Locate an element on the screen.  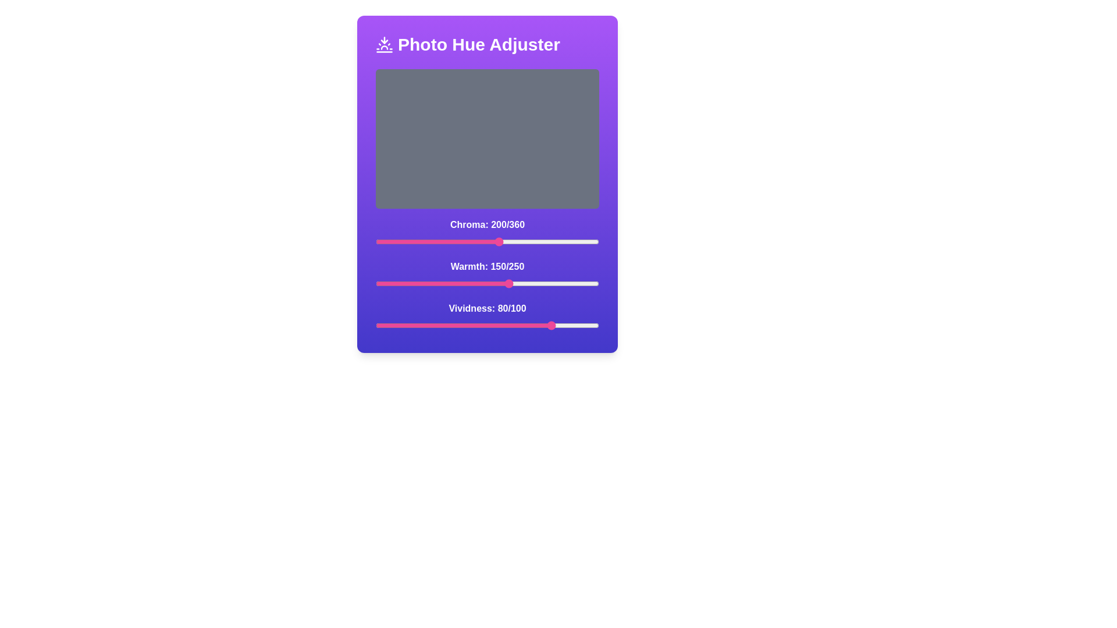
the warmth slider to 36 value is located at coordinates (408, 284).